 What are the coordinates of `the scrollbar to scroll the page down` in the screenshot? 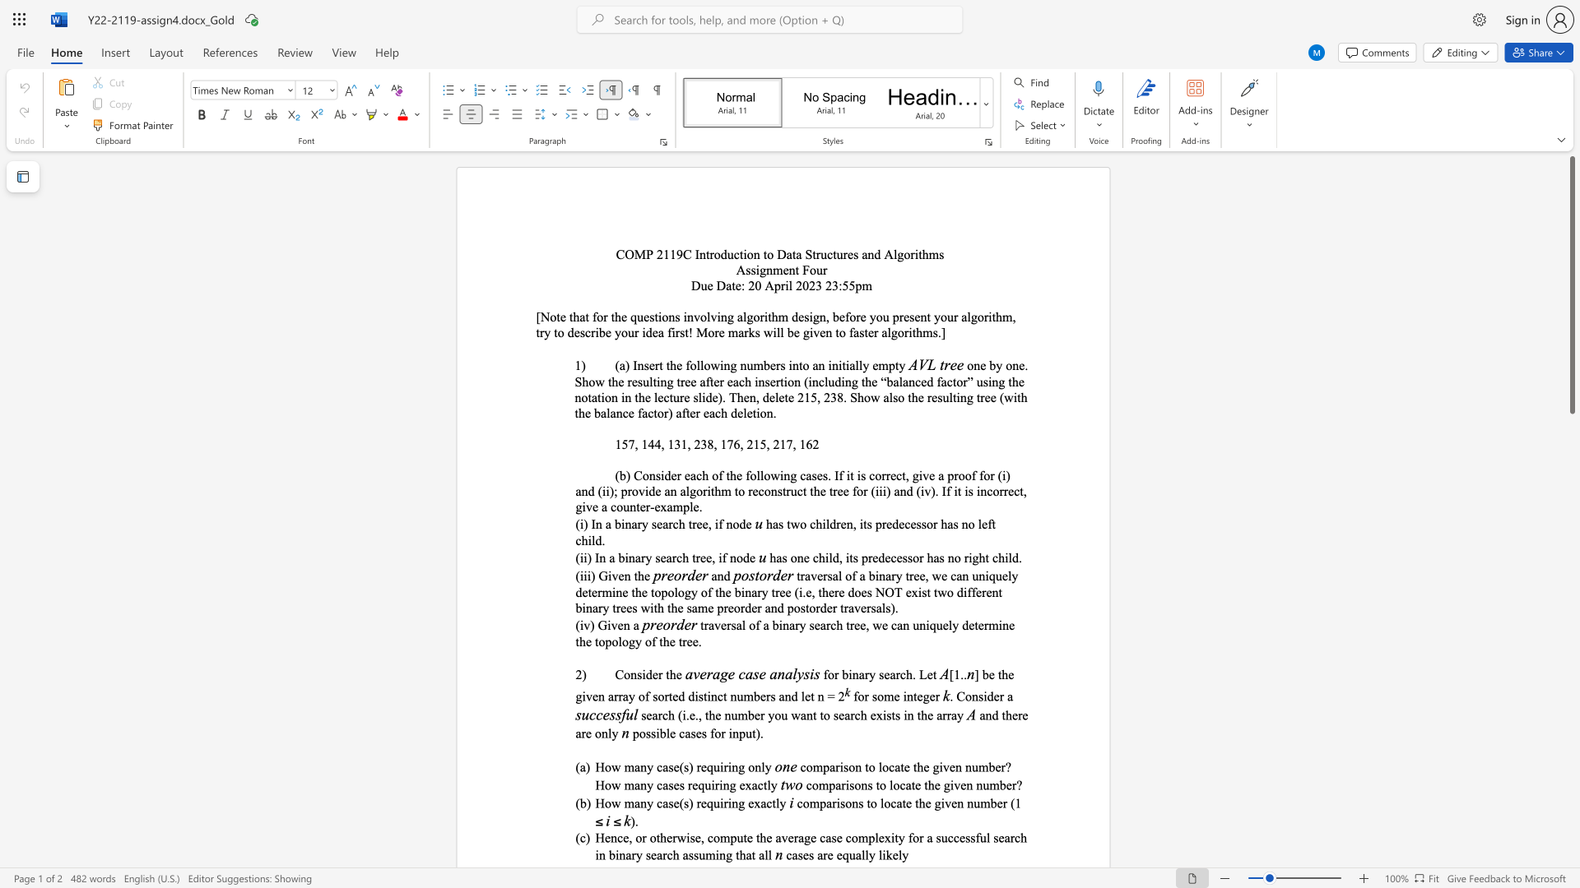 It's located at (1571, 557).